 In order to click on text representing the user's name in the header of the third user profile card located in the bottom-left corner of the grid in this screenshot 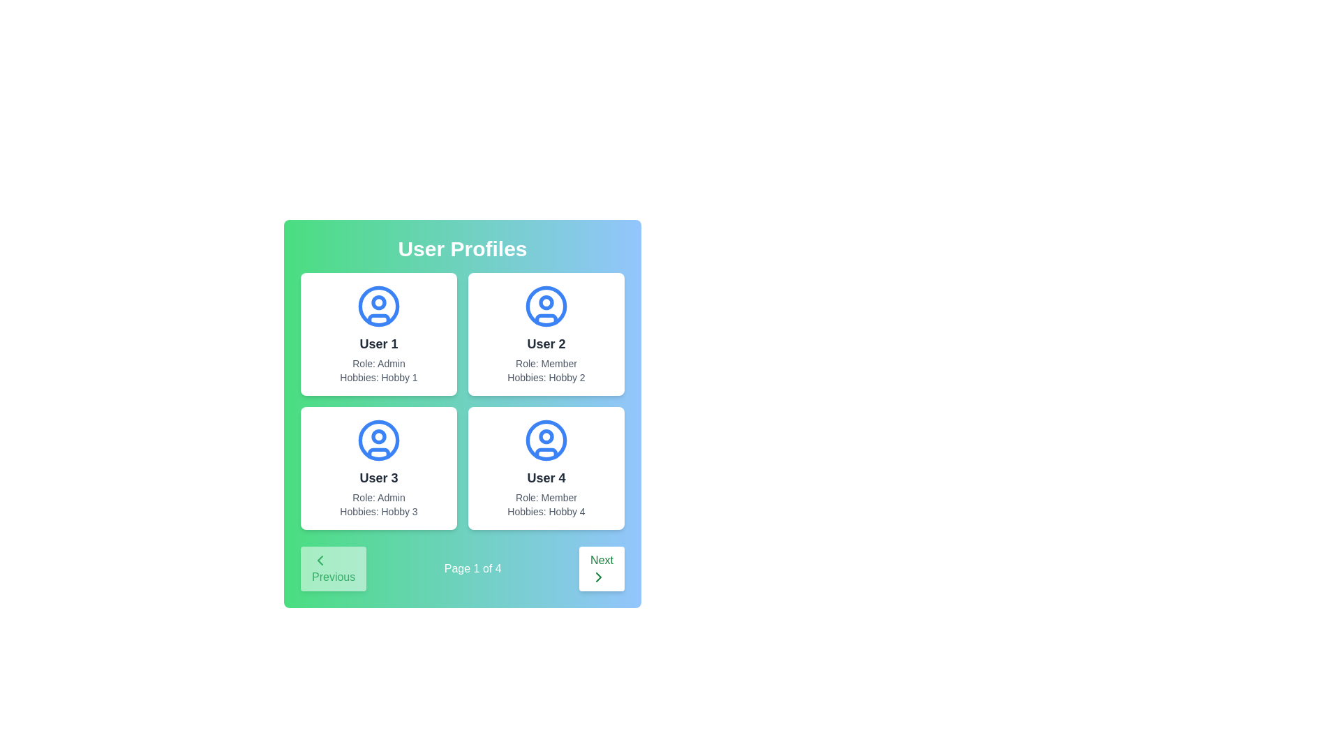, I will do `click(378, 478)`.